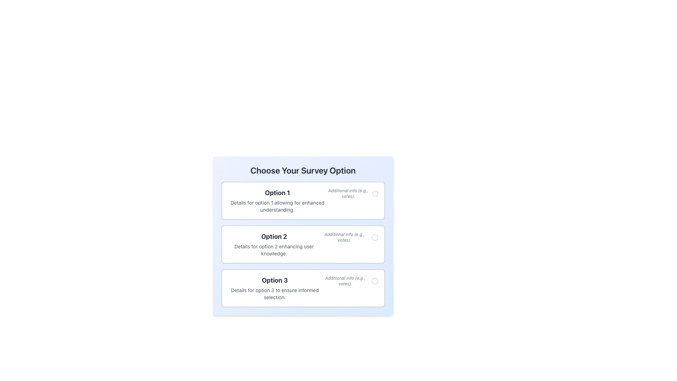 The height and width of the screenshot is (381, 677). What do you see at coordinates (274, 237) in the screenshot?
I see `the label element that serves as the title for the middle option in the survey choices, specifically labeled 'Option 2'` at bounding box center [274, 237].